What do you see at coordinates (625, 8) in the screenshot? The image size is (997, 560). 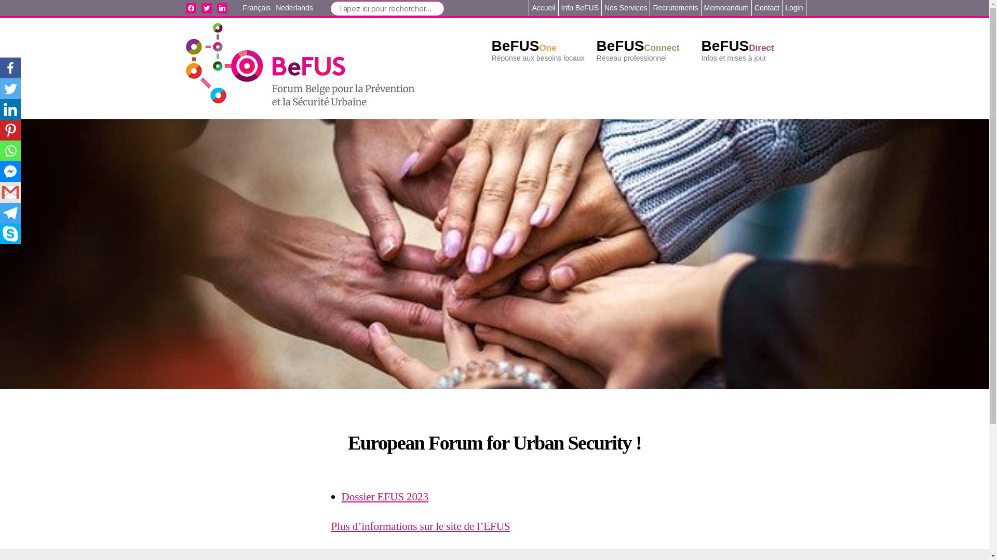 I see `'Nos Services'` at bounding box center [625, 8].